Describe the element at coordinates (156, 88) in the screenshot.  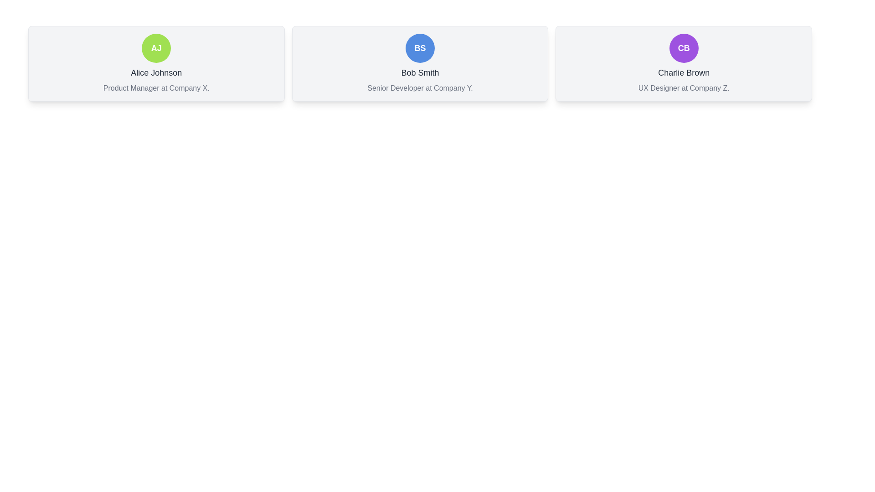
I see `the static text element that states 'Product Manager at Company X.' which is styled in gray color and centered alignment, located in the first card below 'Alice Johnson'` at that location.